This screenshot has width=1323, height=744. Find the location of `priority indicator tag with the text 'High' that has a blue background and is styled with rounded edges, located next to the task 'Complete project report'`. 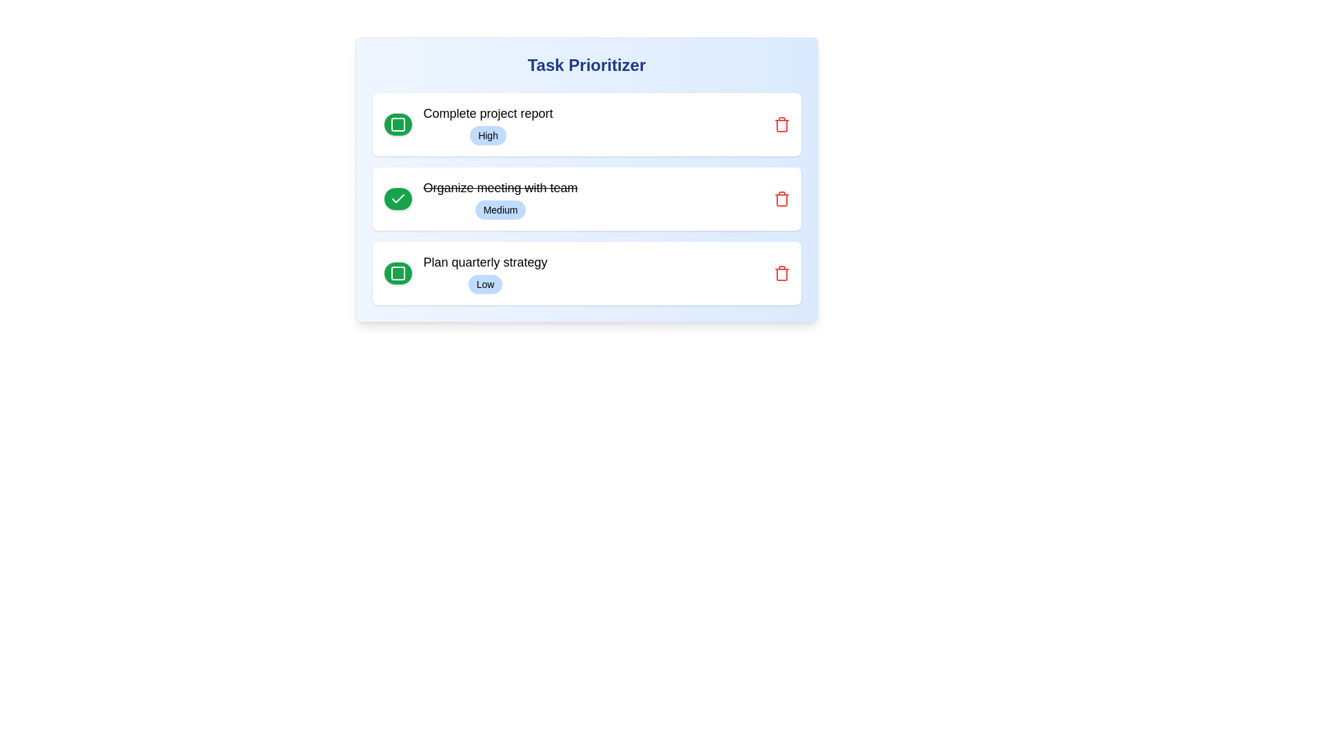

priority indicator tag with the text 'High' that has a blue background and is styled with rounded edges, located next to the task 'Complete project report' is located at coordinates (488, 135).